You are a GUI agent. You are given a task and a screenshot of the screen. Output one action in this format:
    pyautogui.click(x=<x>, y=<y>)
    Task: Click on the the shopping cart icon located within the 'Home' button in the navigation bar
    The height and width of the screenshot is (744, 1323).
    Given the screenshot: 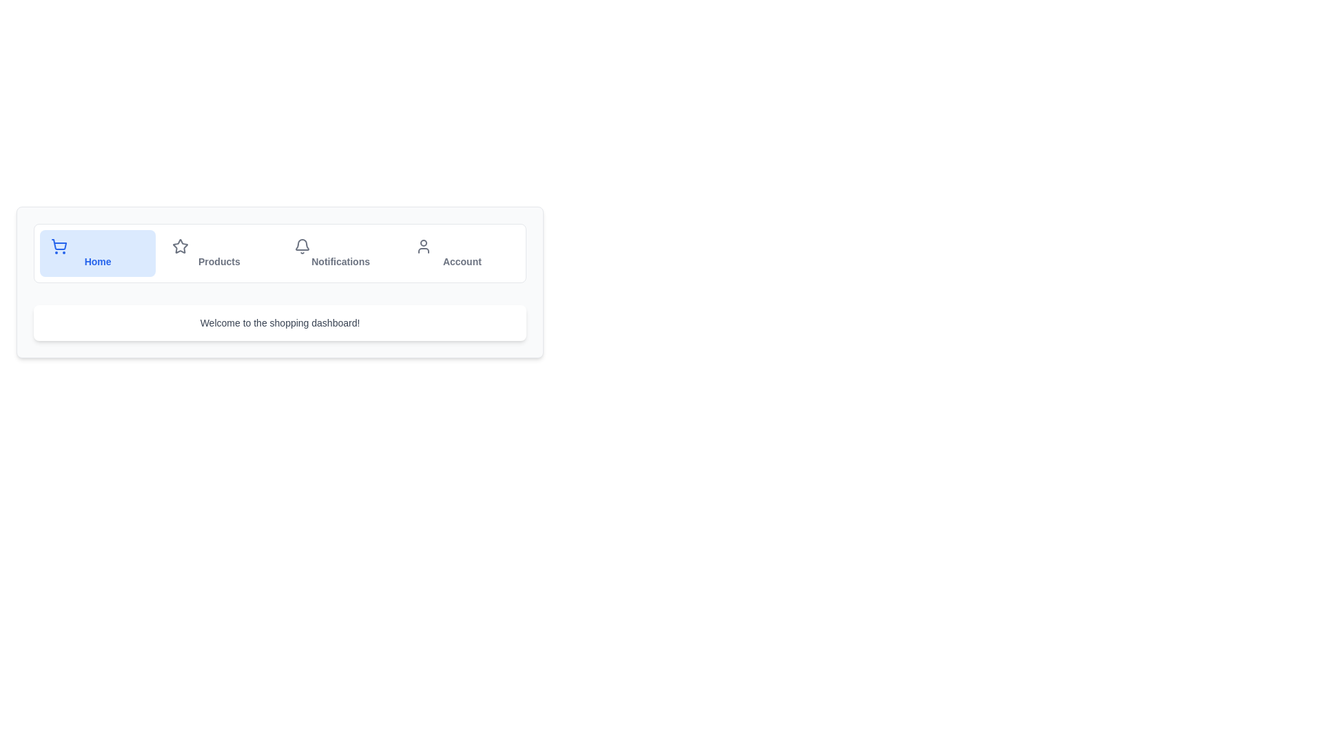 What is the action you would take?
    pyautogui.click(x=59, y=246)
    